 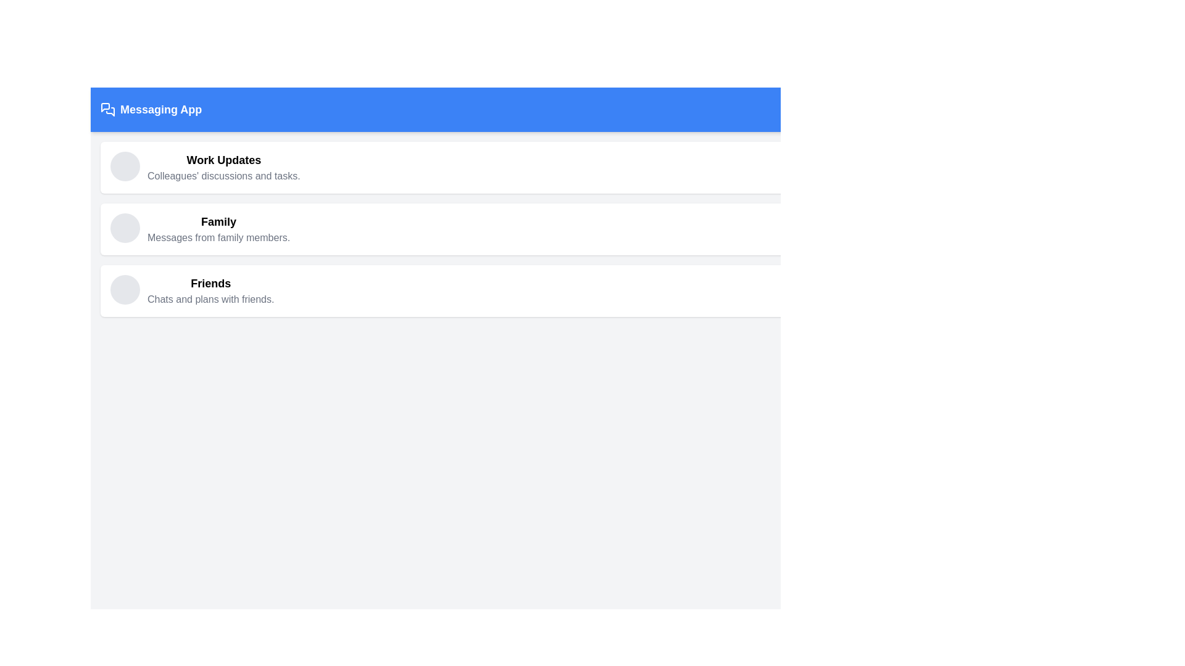 What do you see at coordinates (210, 290) in the screenshot?
I see `text content of the 'Friends' section, which is a text block with a title and subtitle located in the middle of the third row of the messaging app's main content area, directly below the 'Family' section` at bounding box center [210, 290].